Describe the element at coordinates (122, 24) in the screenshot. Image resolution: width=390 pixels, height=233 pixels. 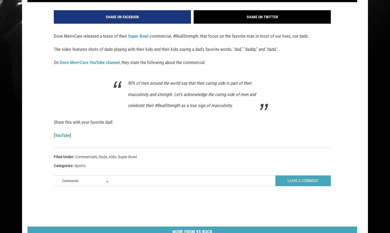
I see `'Share on Facebook'` at that location.